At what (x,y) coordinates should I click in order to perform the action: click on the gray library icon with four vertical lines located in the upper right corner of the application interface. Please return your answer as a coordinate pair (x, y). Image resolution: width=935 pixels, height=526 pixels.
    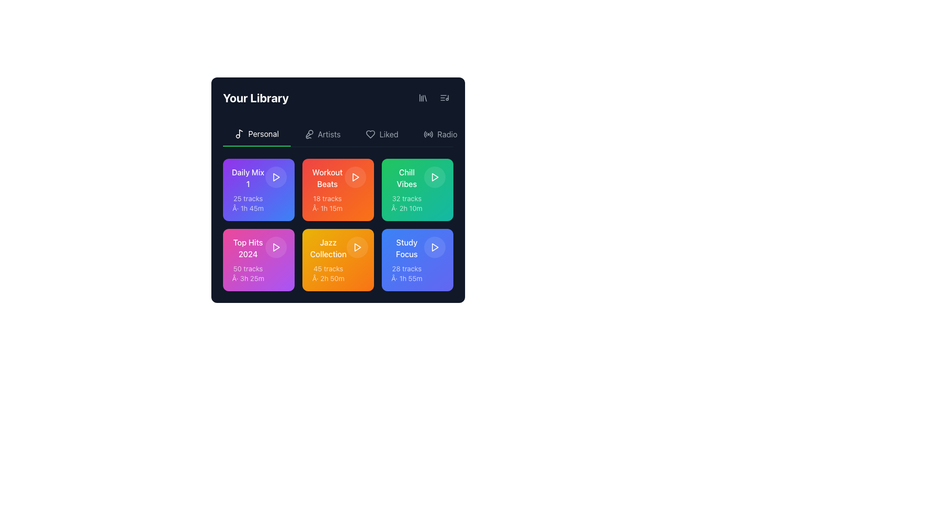
    Looking at the image, I should click on (423, 97).